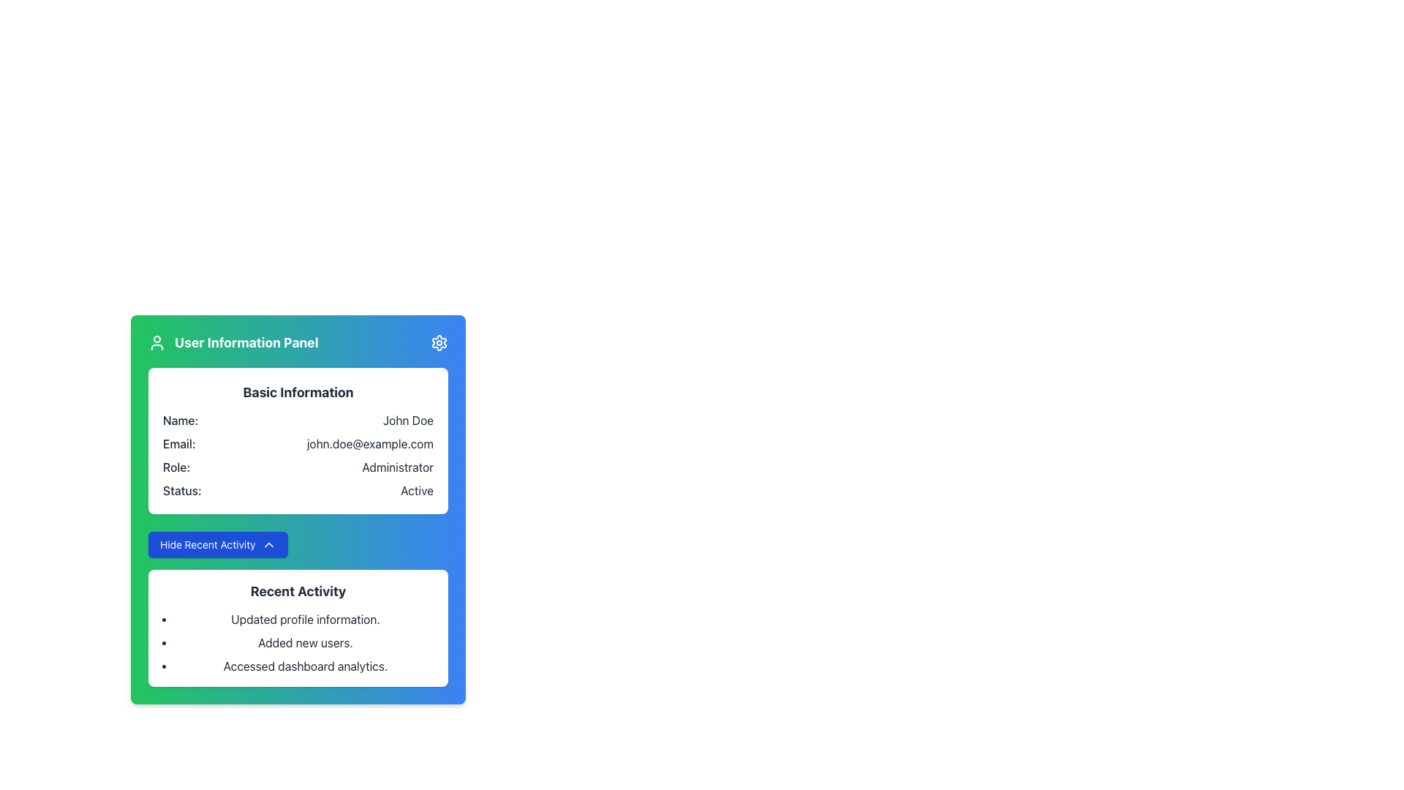 The image size is (1404, 790). What do you see at coordinates (178, 443) in the screenshot?
I see `the email label in the 'Basic Information' section of the 'User Information Panel', which is positioned to the left of the email address 'john.doe@example.com'` at bounding box center [178, 443].